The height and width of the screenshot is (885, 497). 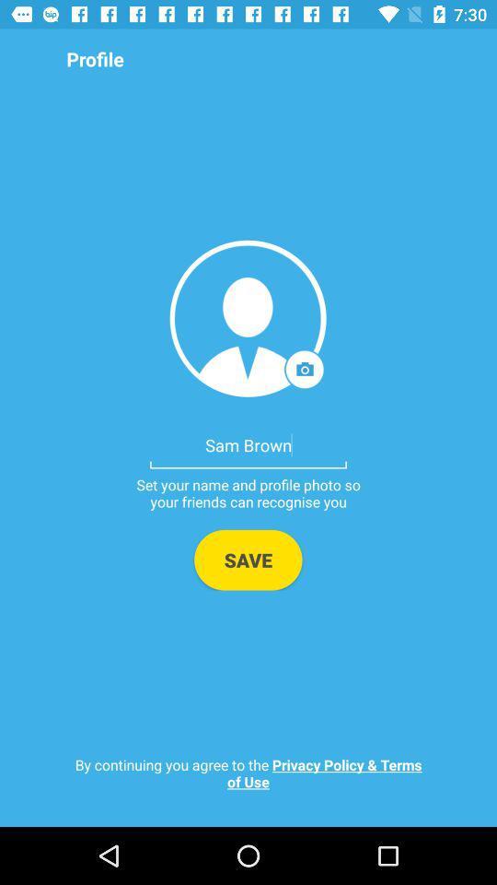 What do you see at coordinates (248, 443) in the screenshot?
I see `sam brown` at bounding box center [248, 443].